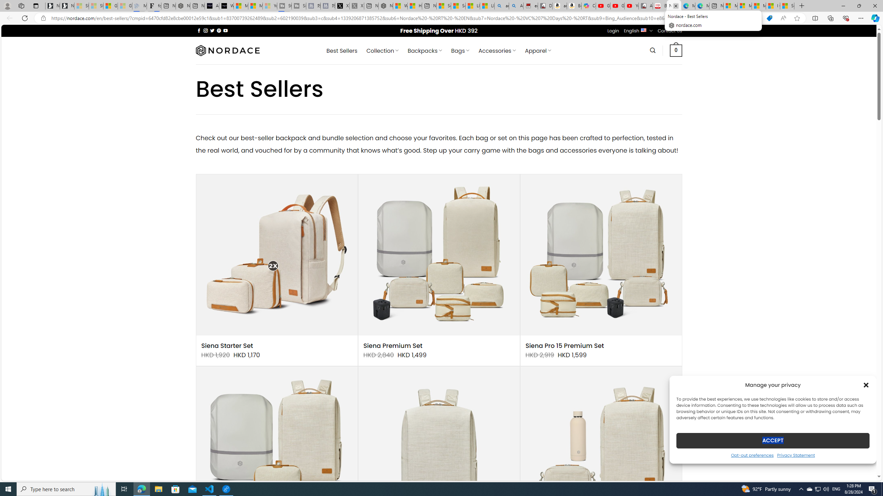  I want to click on 'Opt-out preferences', so click(752, 455).